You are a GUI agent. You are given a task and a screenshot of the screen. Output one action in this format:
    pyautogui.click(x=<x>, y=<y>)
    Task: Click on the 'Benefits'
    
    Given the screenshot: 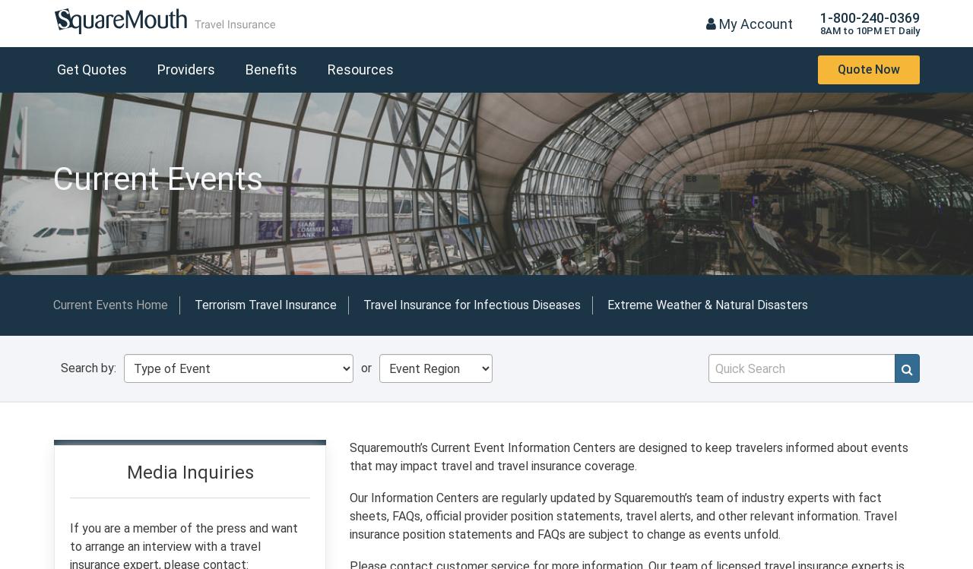 What is the action you would take?
    pyautogui.click(x=271, y=68)
    